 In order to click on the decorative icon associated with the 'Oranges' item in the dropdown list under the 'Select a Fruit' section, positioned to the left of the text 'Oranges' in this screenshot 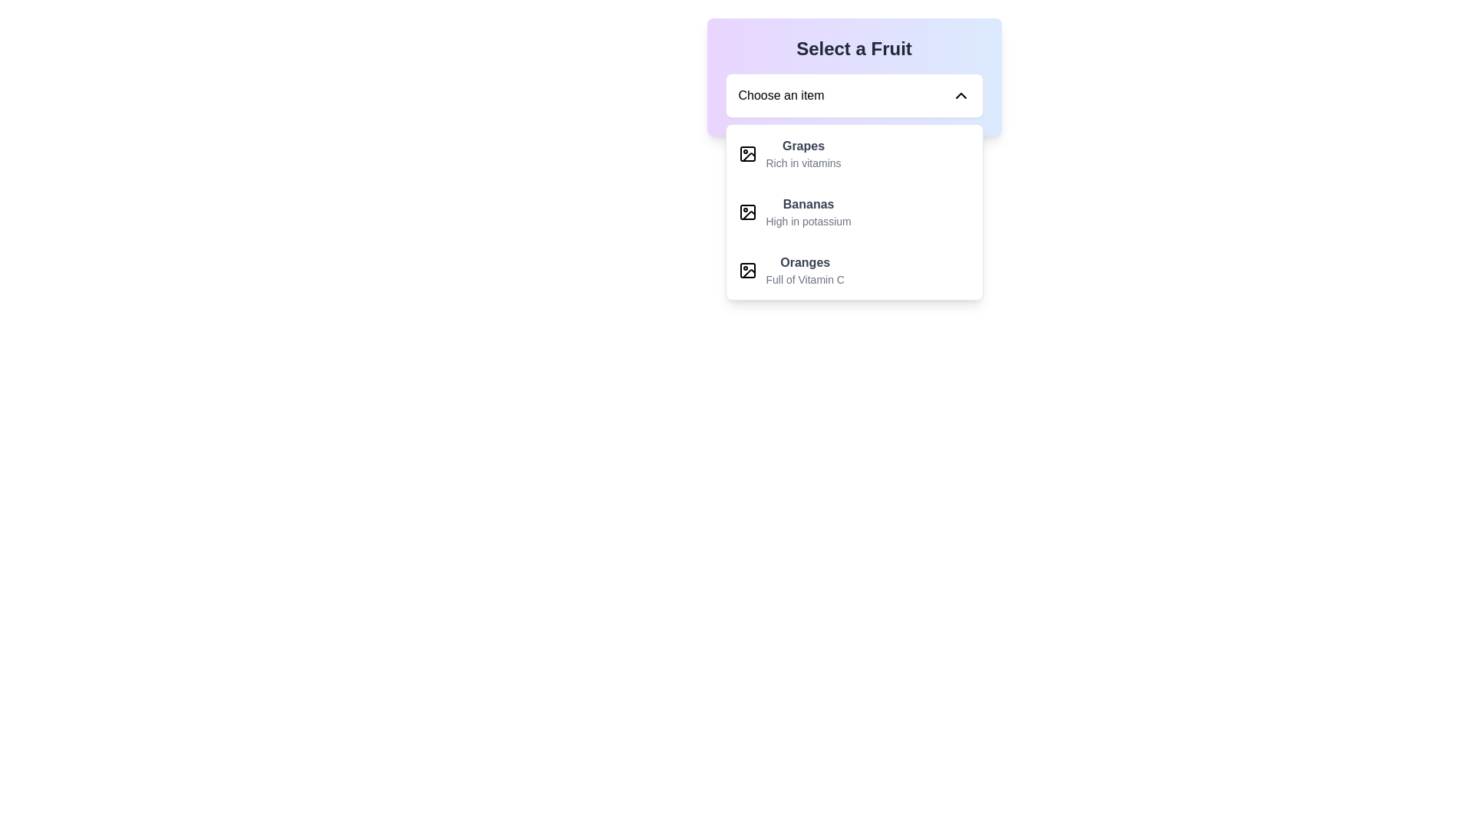, I will do `click(747, 270)`.